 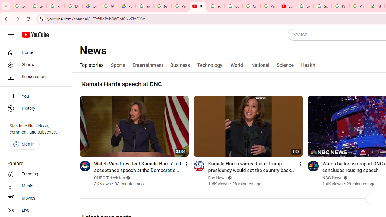 I want to click on 'PDD Holdings Inc - ADR (PDD) Price & News - Google Finance', so click(x=126, y=6).